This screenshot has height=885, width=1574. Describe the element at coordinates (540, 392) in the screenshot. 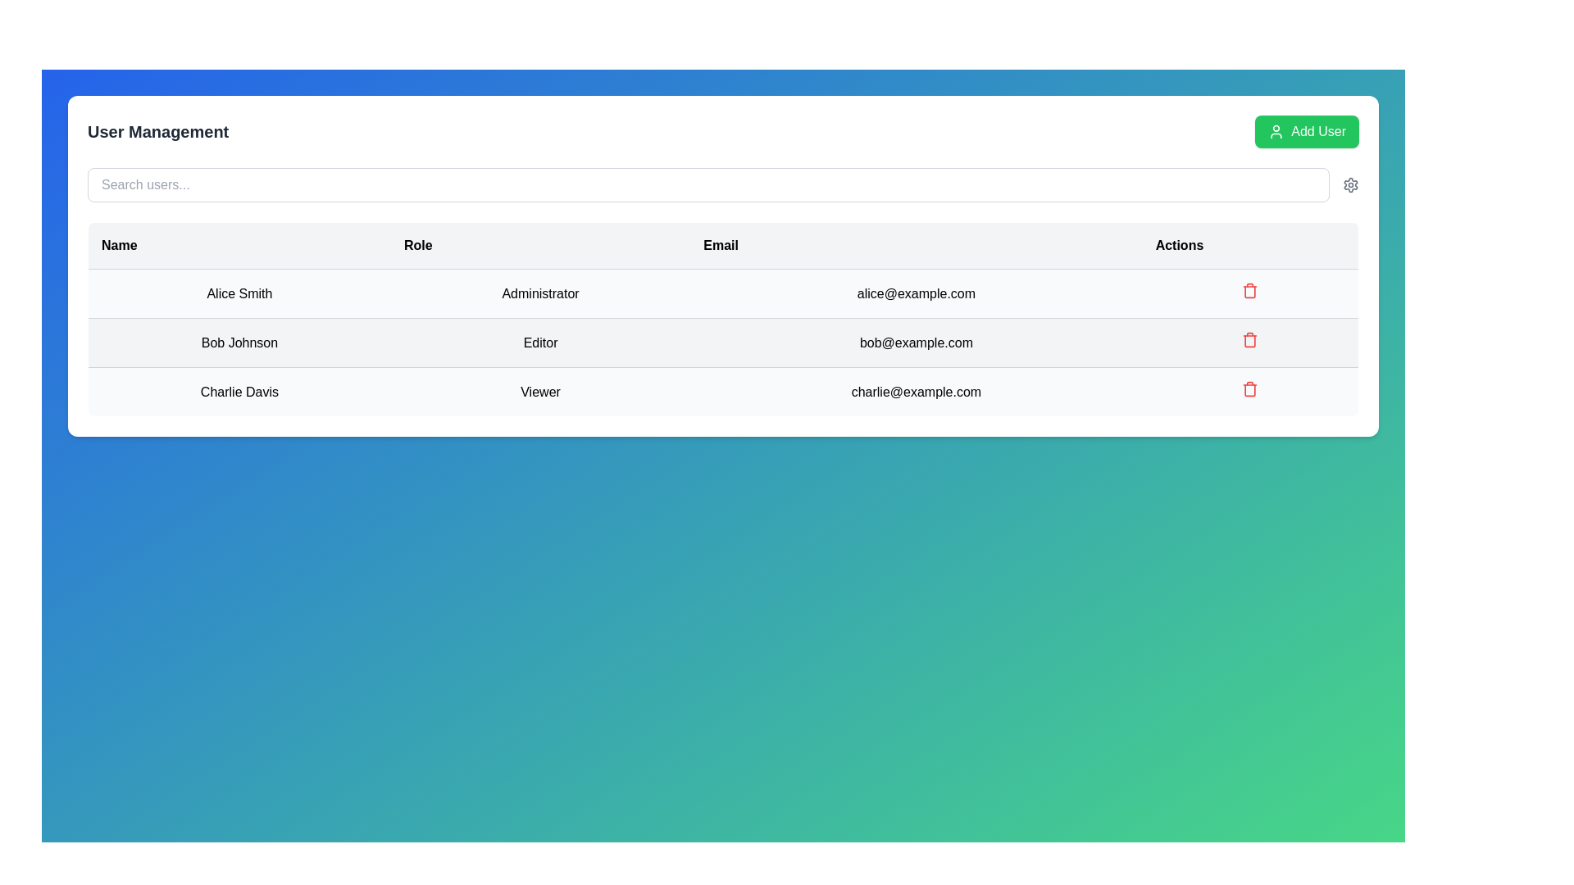

I see `the Label/Text Display indicating 'Viewer' for user 'Charlie Davis' in the user table` at that location.